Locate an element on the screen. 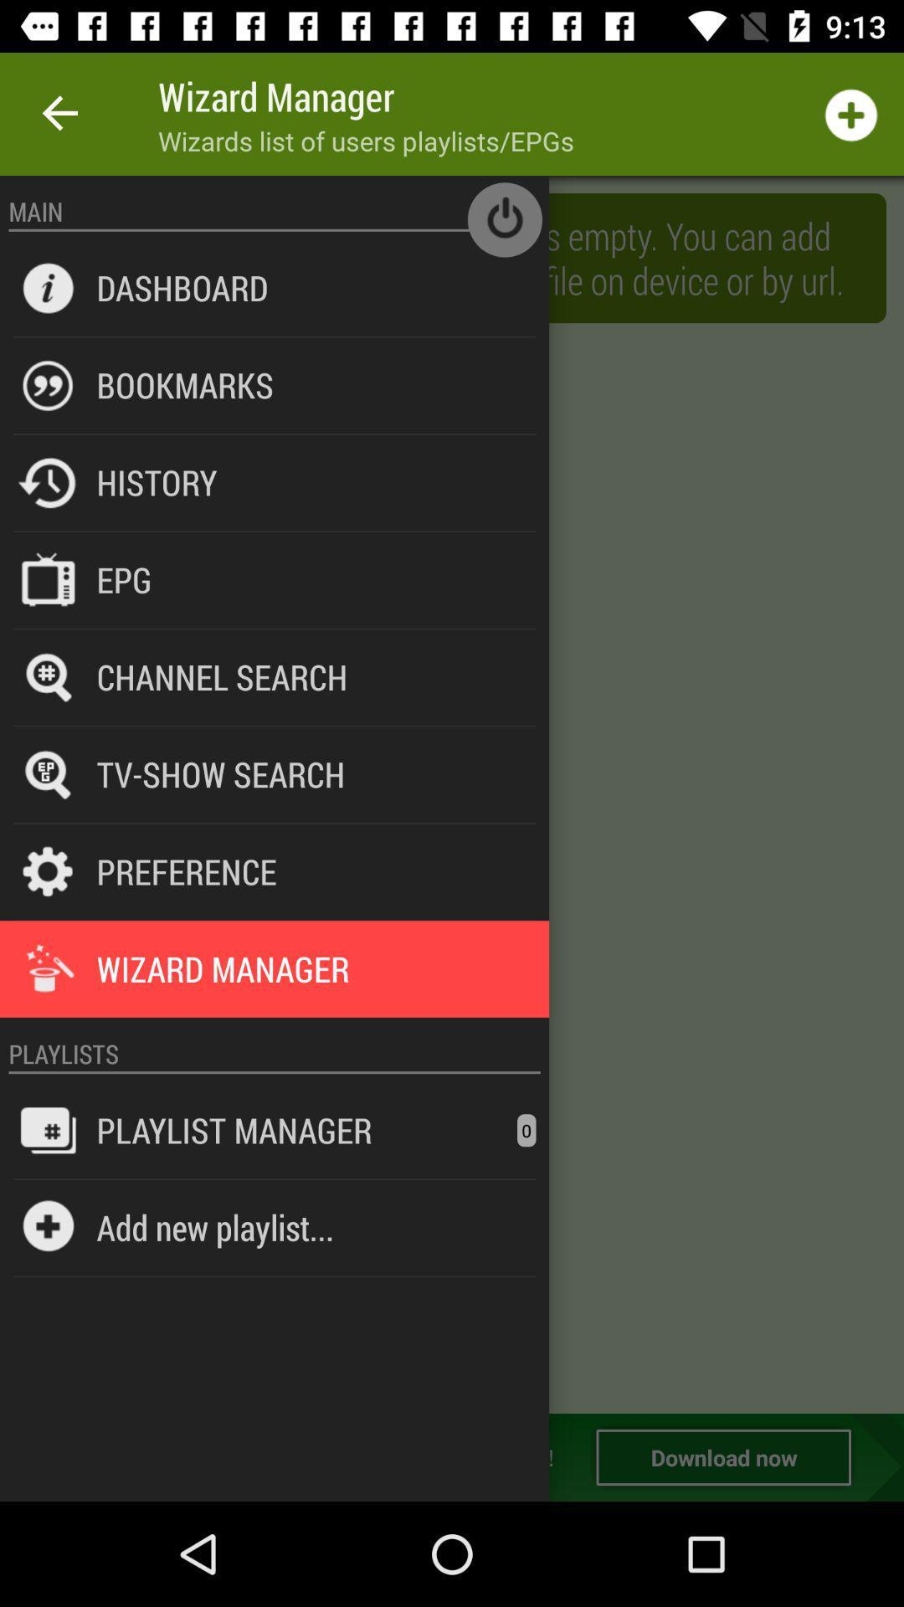  the item above the playlists is located at coordinates (274, 1017).